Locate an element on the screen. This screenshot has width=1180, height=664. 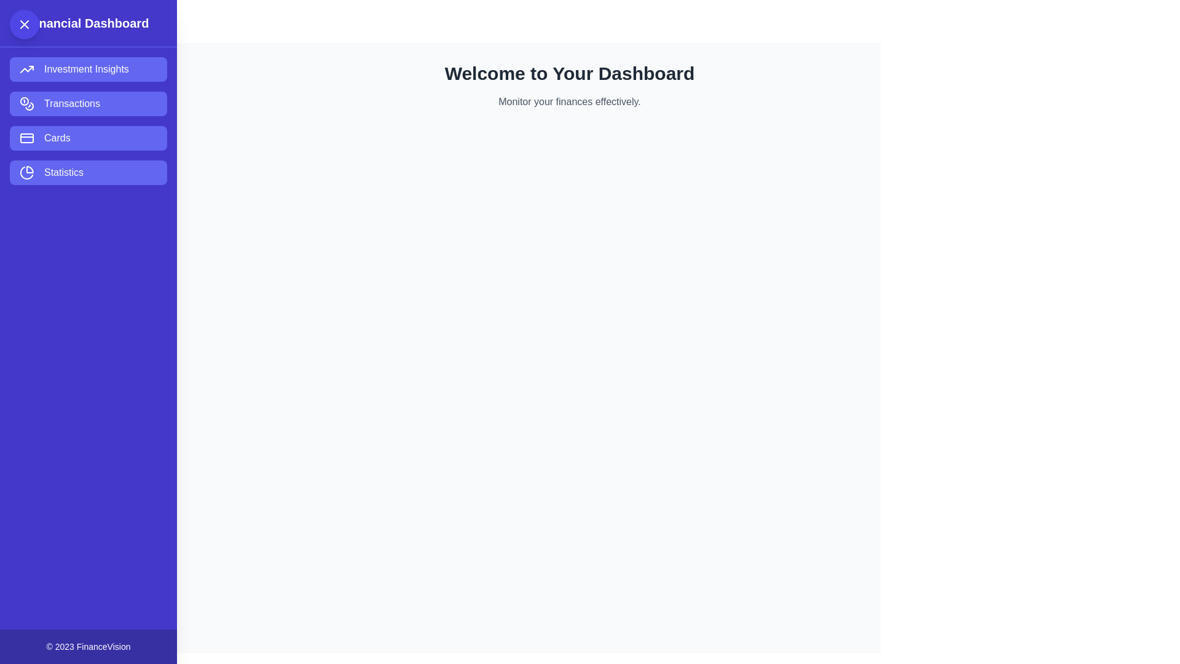
the second navigation button in the left sidebar, located below the 'Investment Insights' button and above the 'Cards' button is located at coordinates (88, 103).